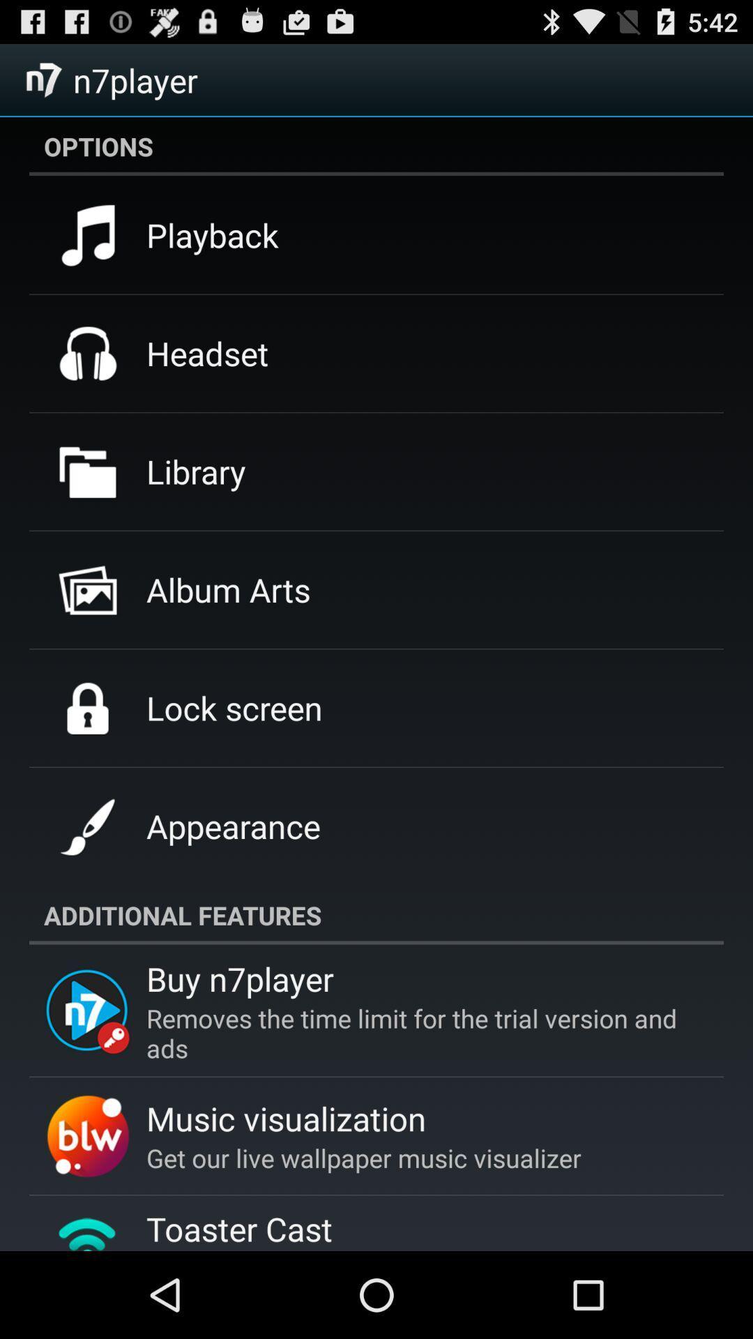 This screenshot has width=753, height=1339. Describe the element at coordinates (363, 1158) in the screenshot. I see `the get our live` at that location.